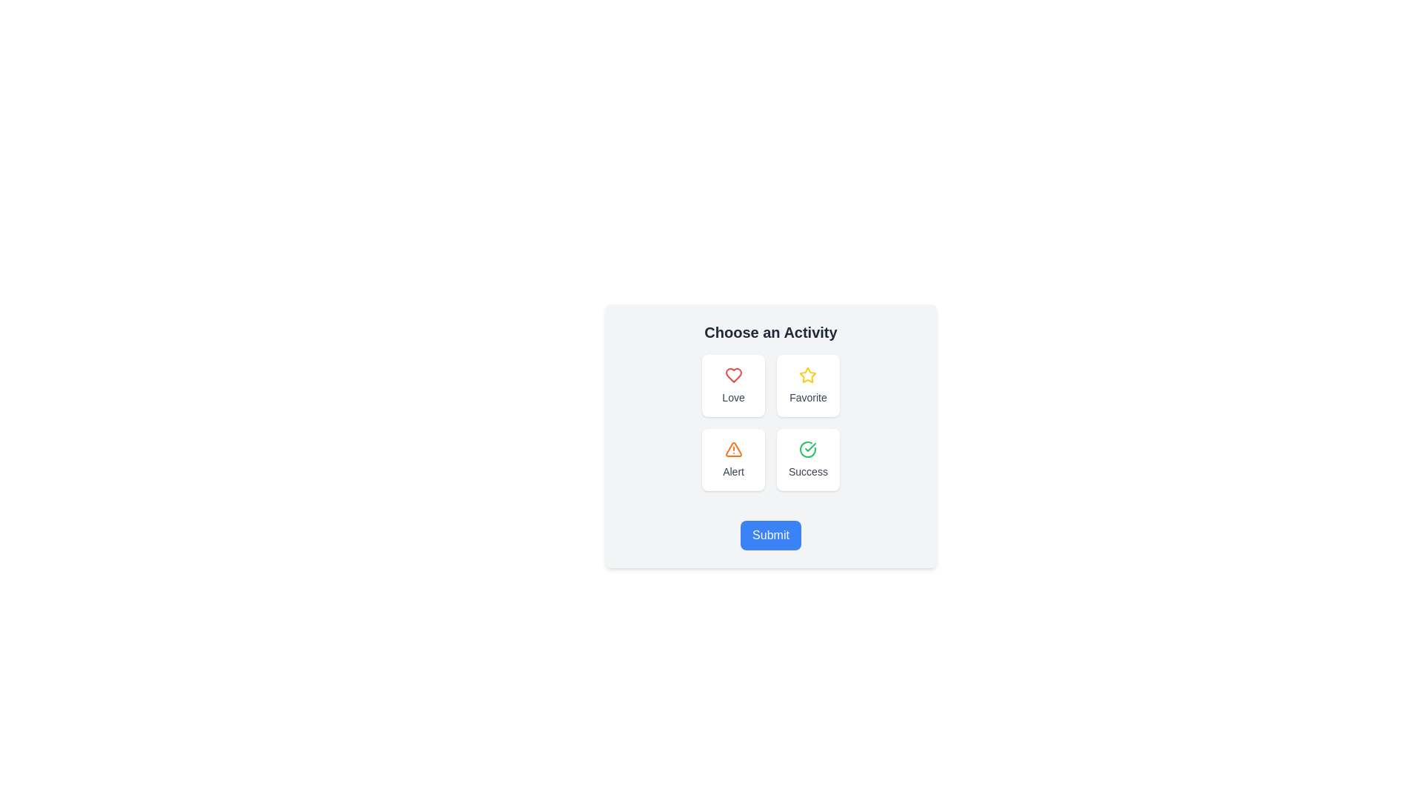  What do you see at coordinates (807, 471) in the screenshot?
I see `the 'Success' text label displayed in a small gray font, located below the green check icon within the panel` at bounding box center [807, 471].